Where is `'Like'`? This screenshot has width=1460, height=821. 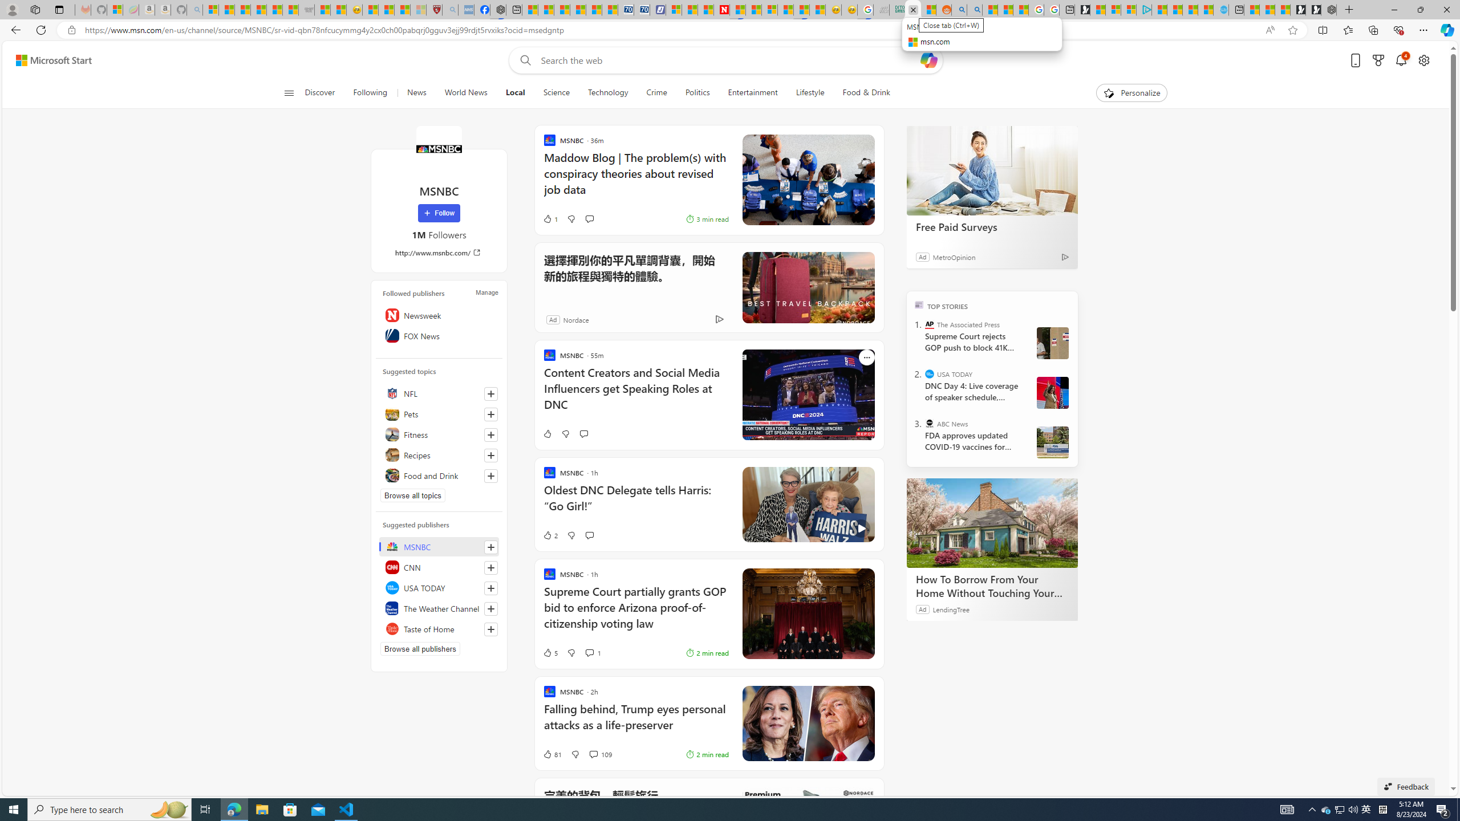 'Like' is located at coordinates (546, 434).